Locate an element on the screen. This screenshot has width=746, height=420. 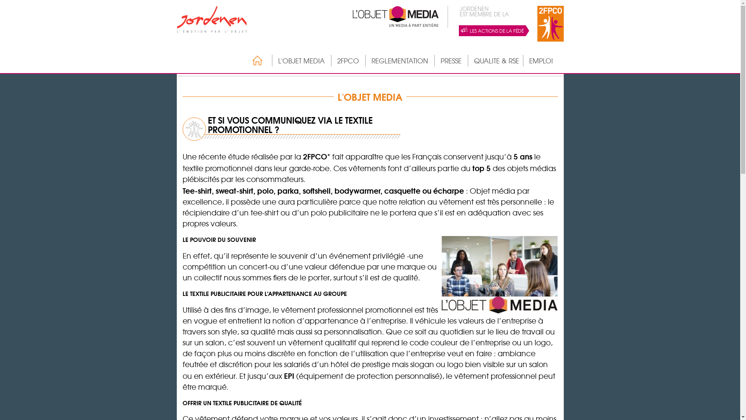
'Accueil' is located at coordinates (253, 60).